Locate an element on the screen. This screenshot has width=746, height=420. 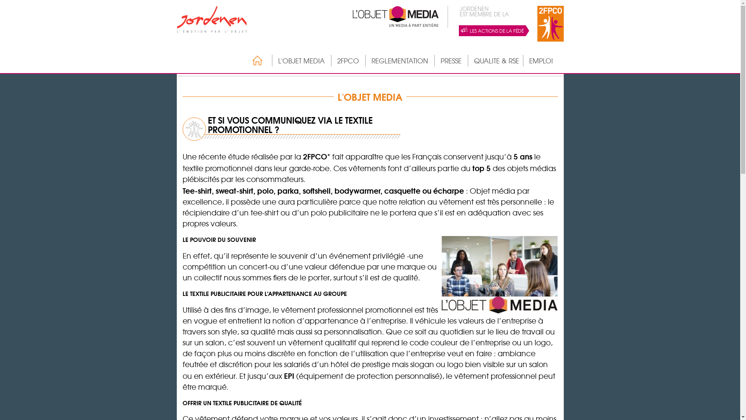
'Accueil' is located at coordinates (253, 60).